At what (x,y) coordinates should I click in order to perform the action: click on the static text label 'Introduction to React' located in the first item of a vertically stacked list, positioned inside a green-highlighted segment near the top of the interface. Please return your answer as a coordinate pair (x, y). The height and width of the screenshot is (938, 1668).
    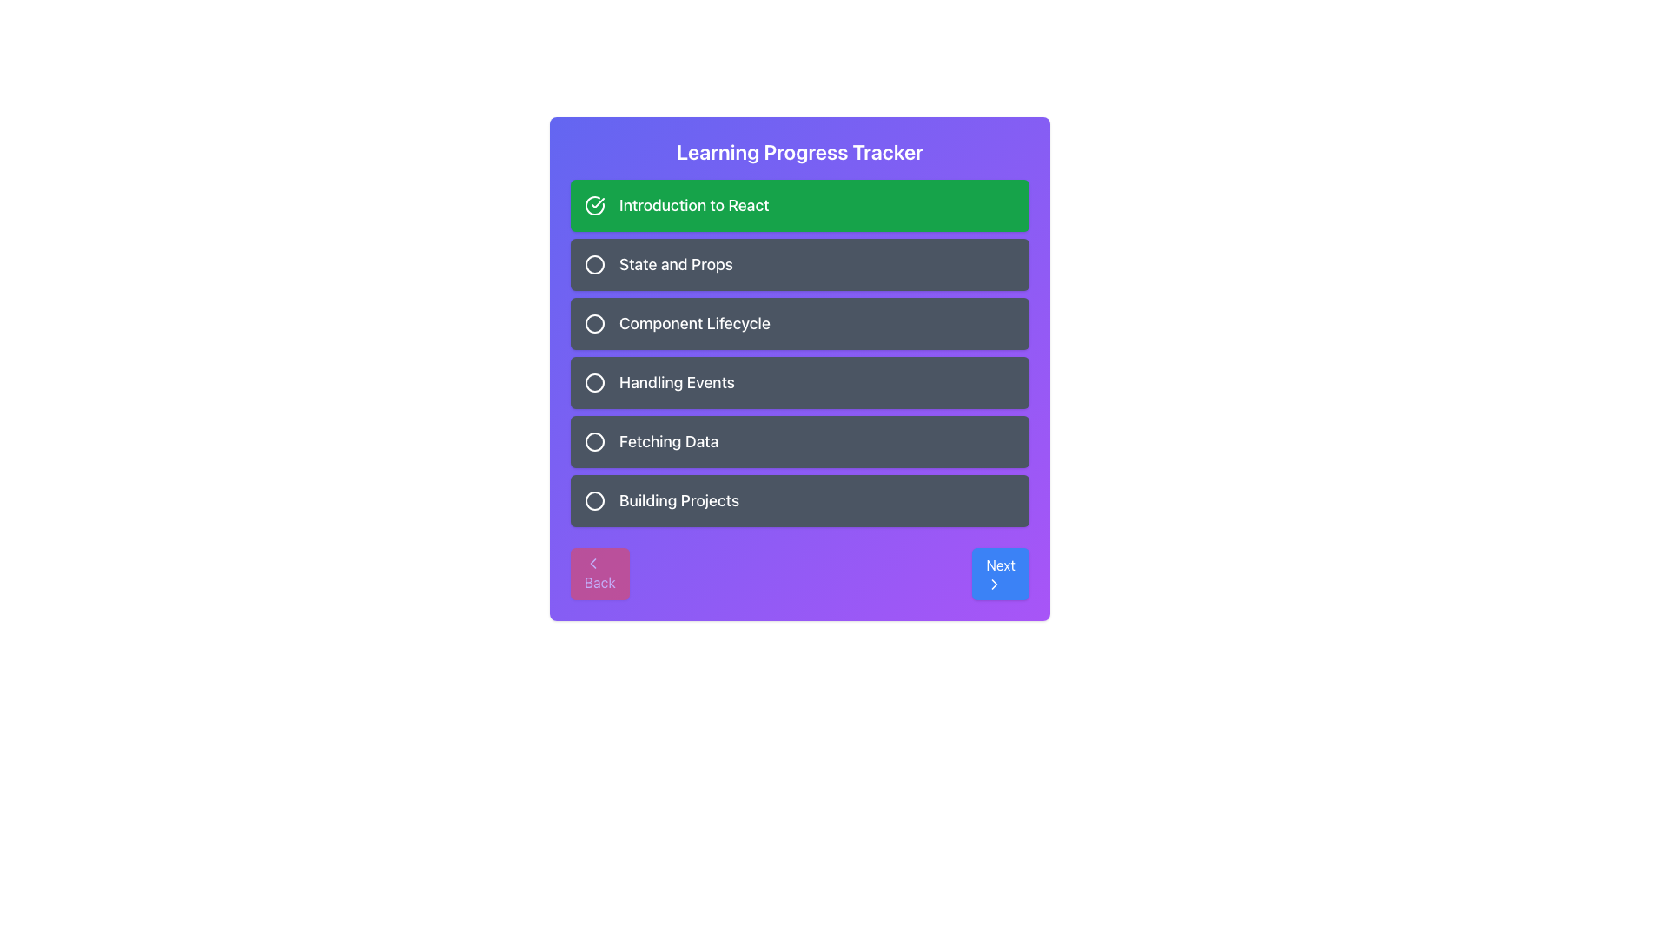
    Looking at the image, I should click on (693, 204).